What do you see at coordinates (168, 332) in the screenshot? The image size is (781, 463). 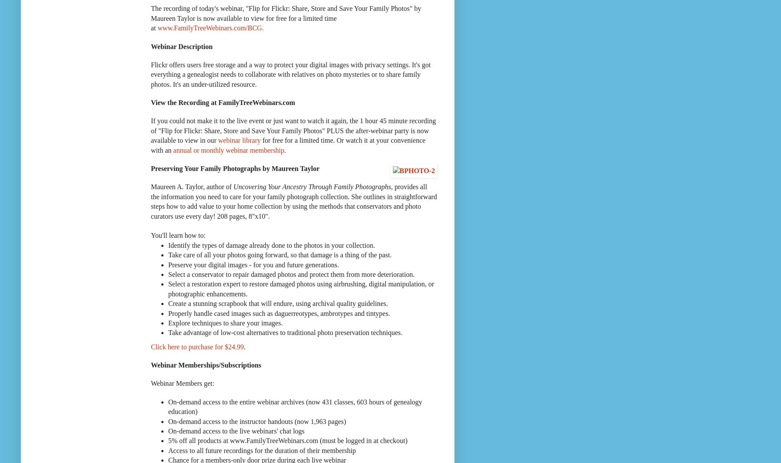 I see `'Take advantage of low-cost alternatives to traditional photo preservation techniques.'` at bounding box center [168, 332].